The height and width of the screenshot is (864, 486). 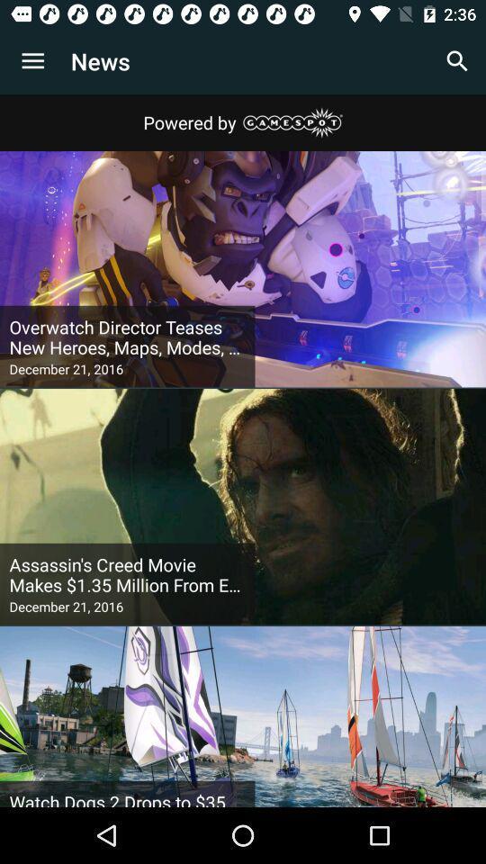 I want to click on the app next to news, so click(x=32, y=61).